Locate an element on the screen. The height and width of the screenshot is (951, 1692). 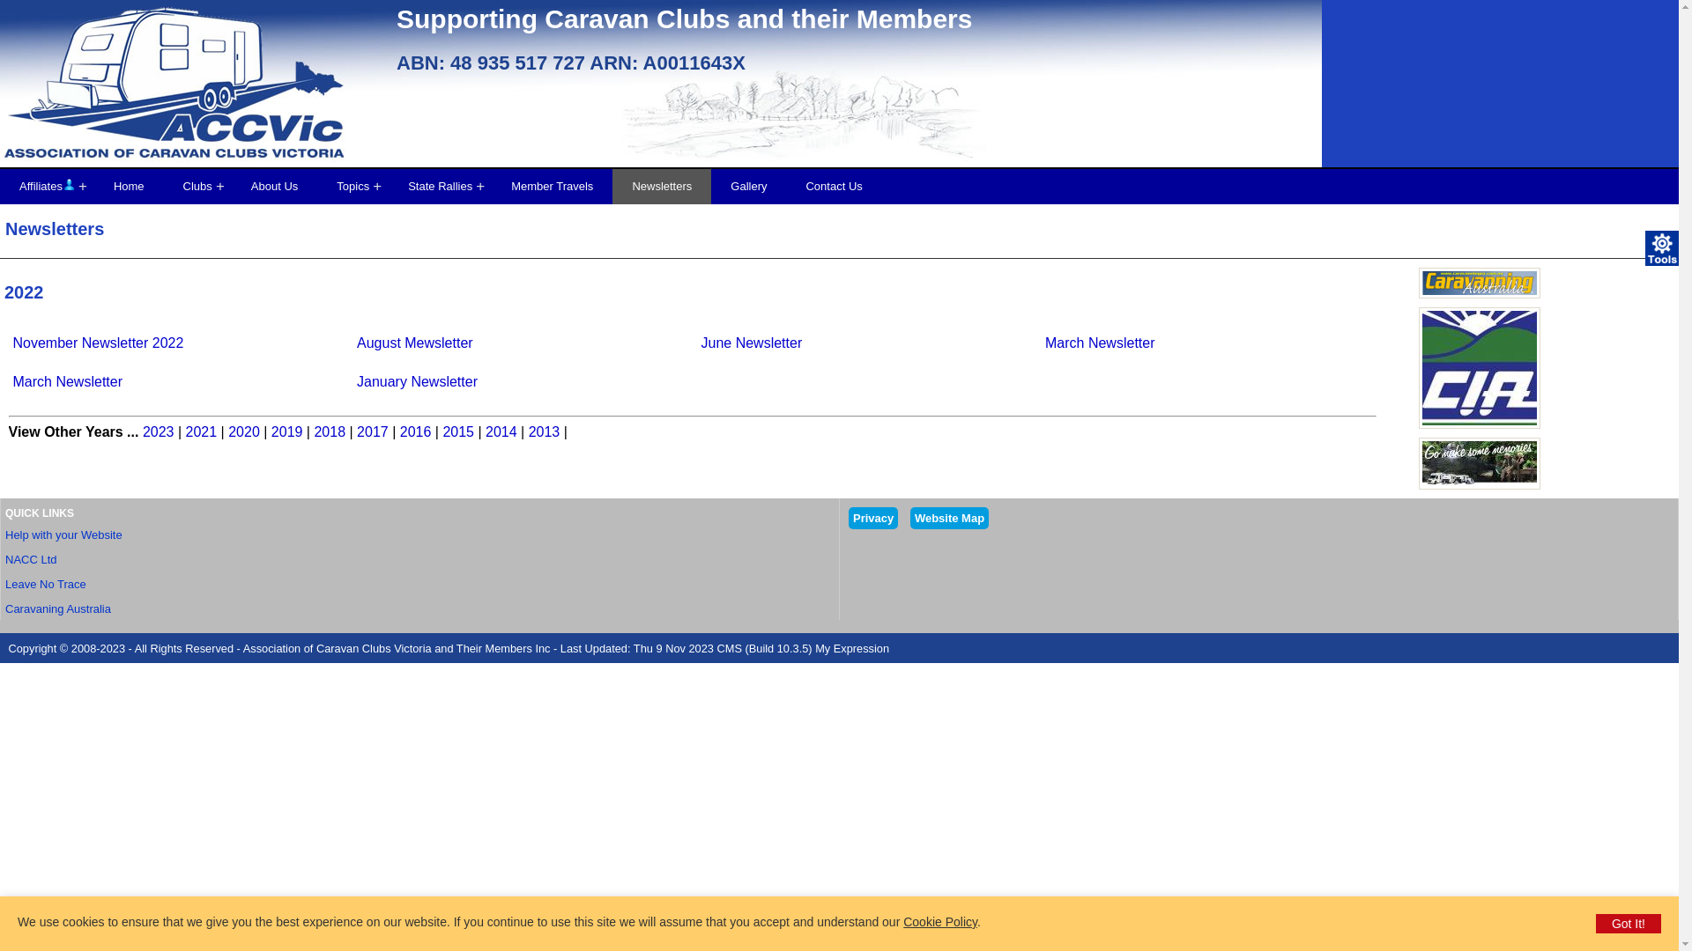
'My Expression' is located at coordinates (851, 648).